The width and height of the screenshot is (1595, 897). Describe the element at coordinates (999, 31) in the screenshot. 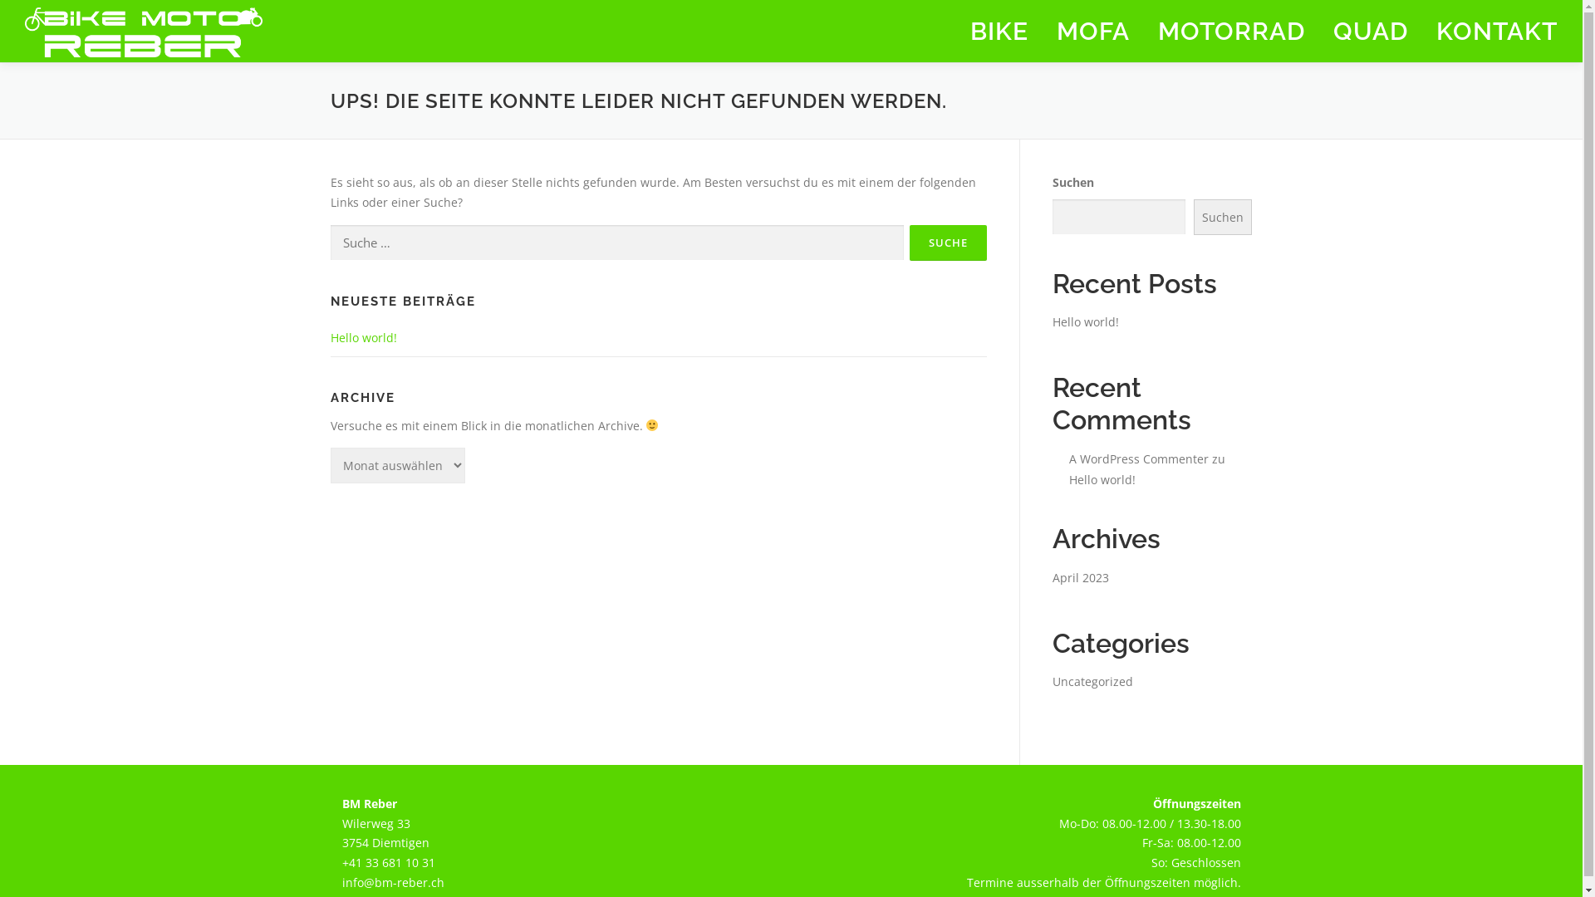

I see `'BIKE'` at that location.